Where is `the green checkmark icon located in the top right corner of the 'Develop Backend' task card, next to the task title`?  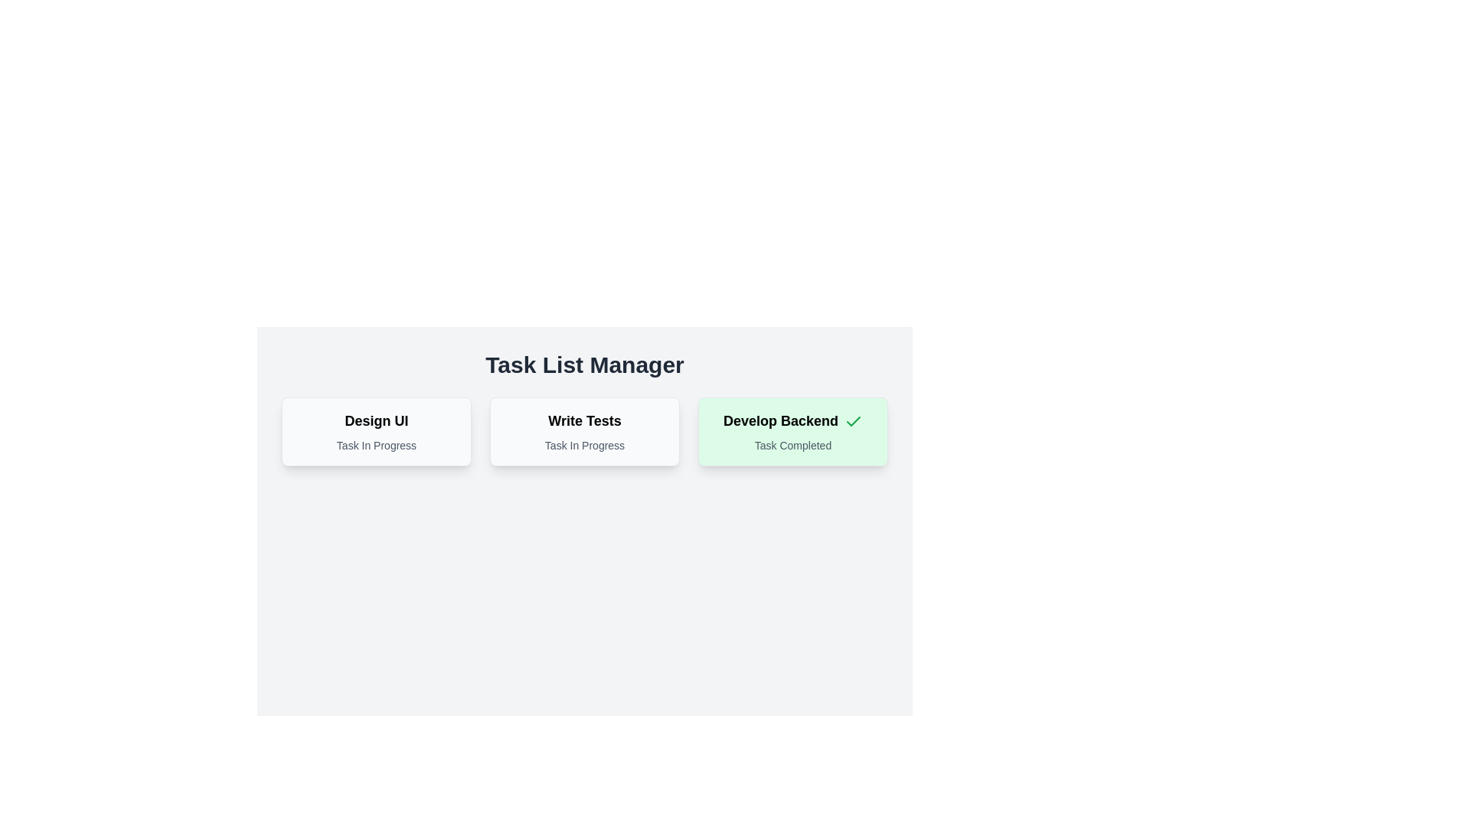 the green checkmark icon located in the top right corner of the 'Develop Backend' task card, next to the task title is located at coordinates (852, 421).